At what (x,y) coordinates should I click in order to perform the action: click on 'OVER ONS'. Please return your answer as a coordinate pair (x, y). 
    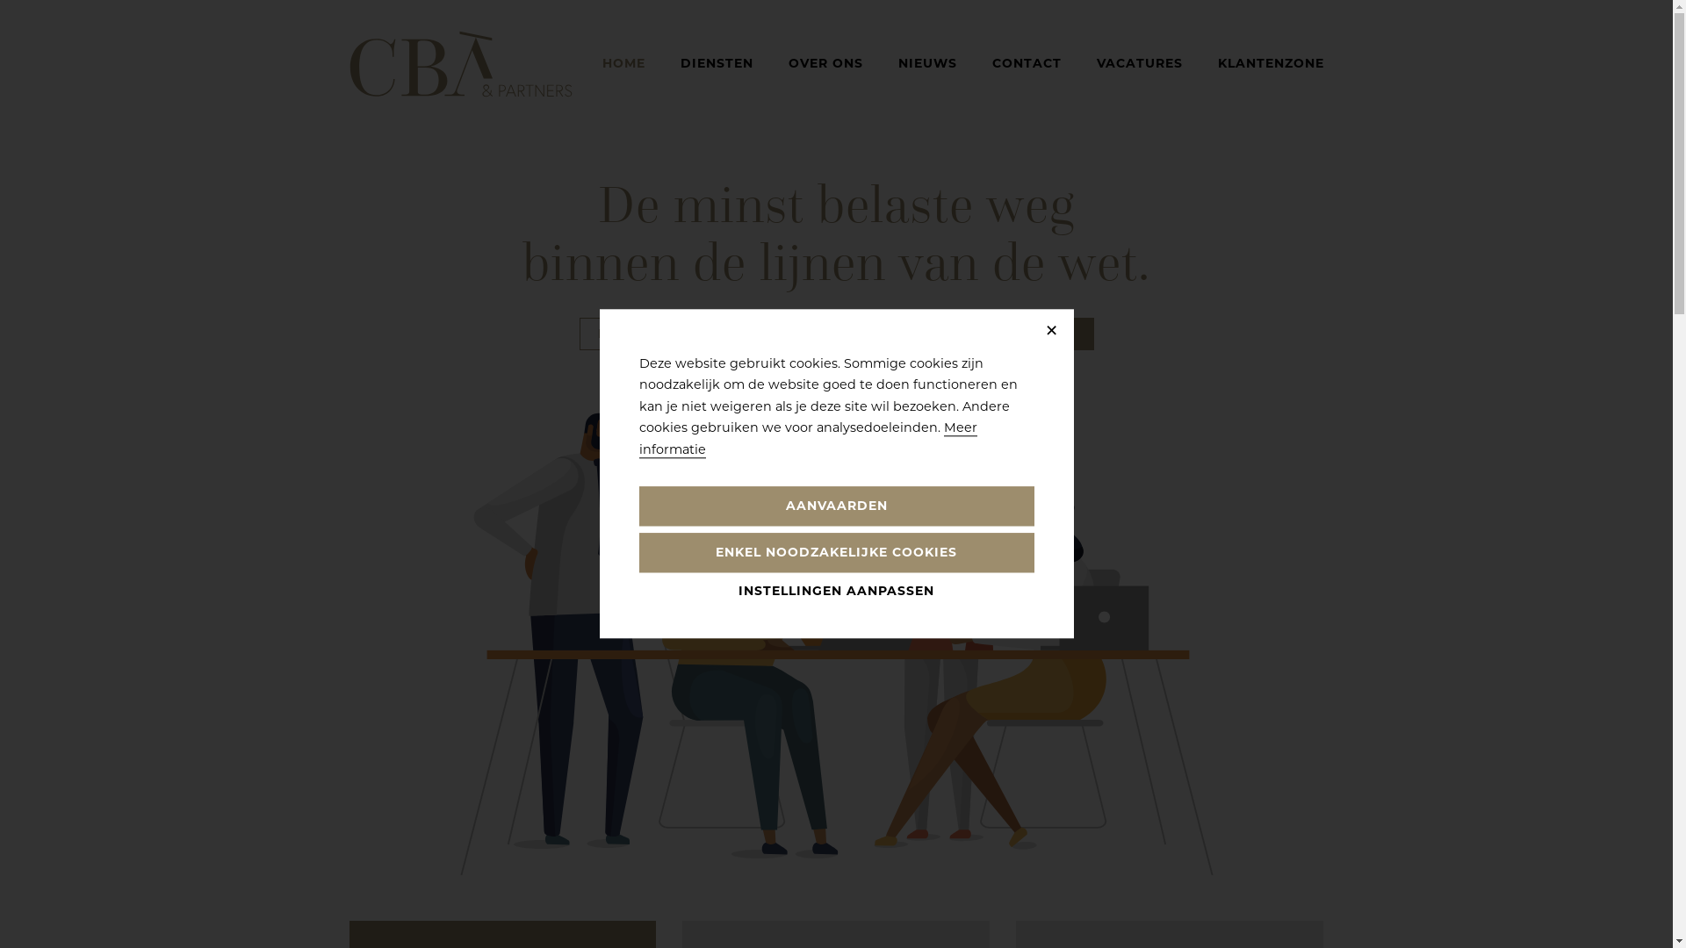
    Looking at the image, I should click on (787, 62).